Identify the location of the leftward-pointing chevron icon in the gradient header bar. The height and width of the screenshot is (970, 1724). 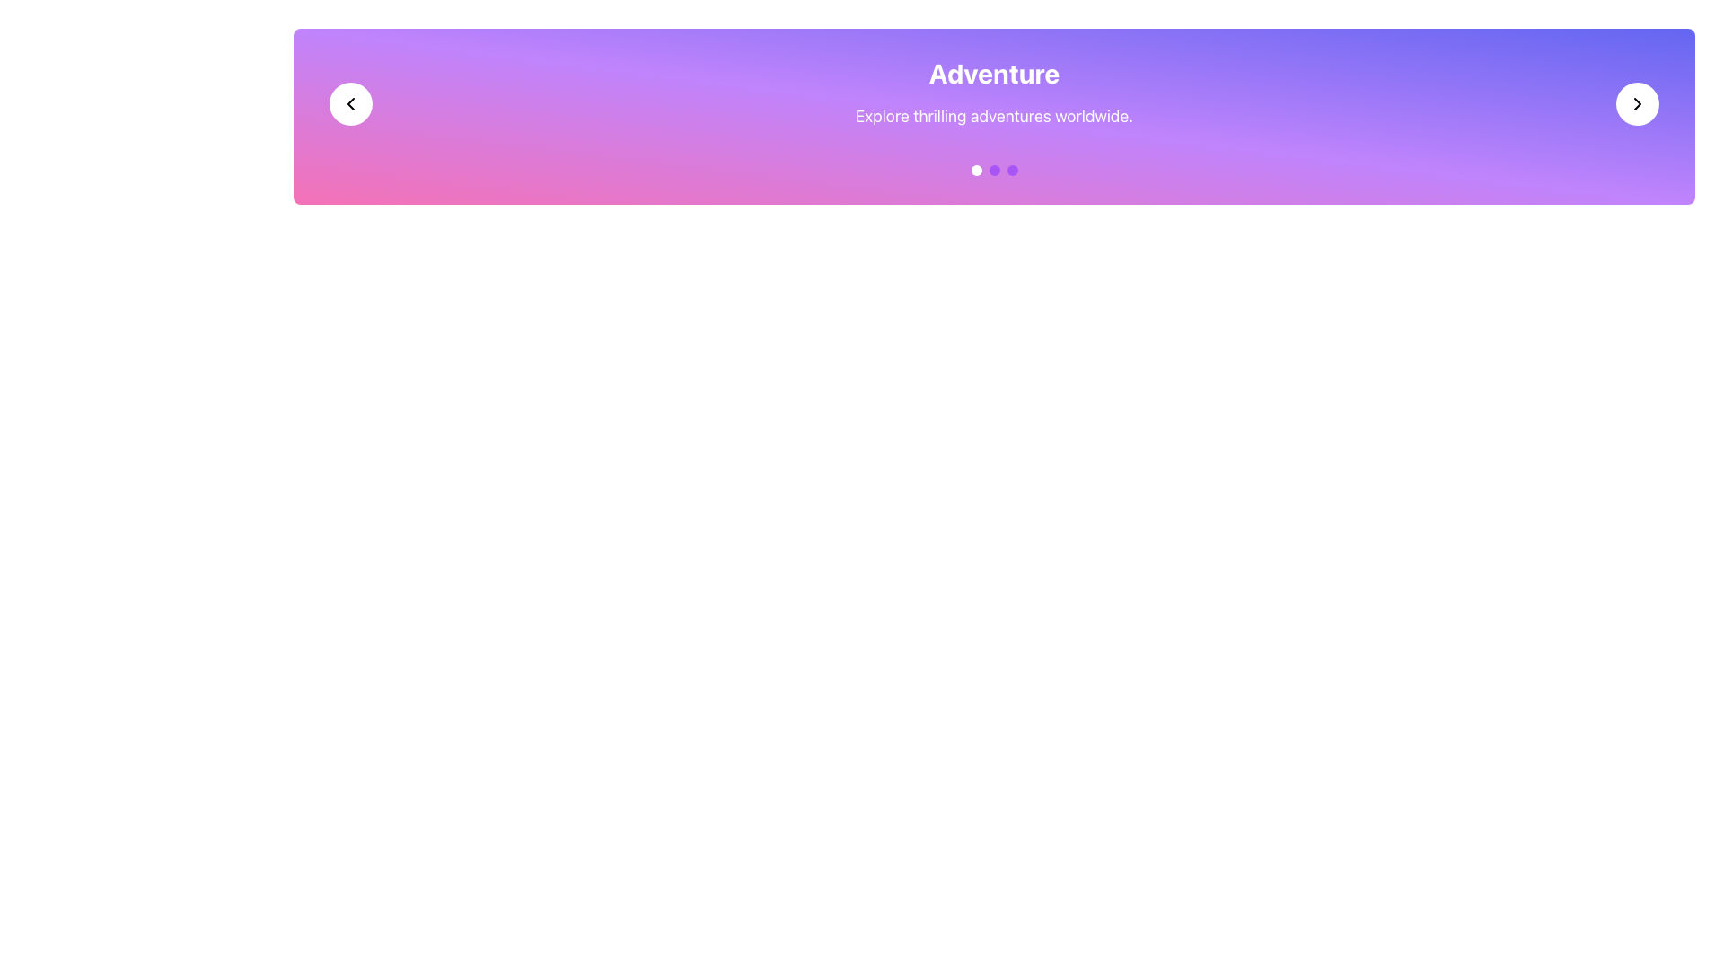
(350, 103).